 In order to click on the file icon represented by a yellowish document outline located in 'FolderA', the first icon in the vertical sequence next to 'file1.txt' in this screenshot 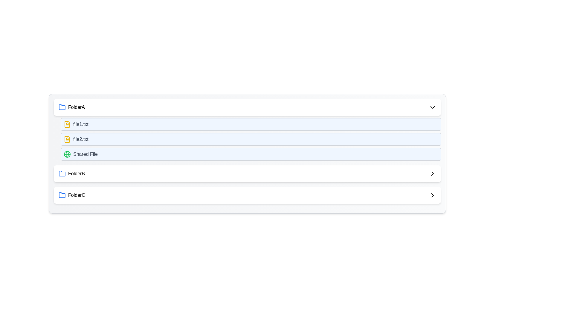, I will do `click(67, 139)`.